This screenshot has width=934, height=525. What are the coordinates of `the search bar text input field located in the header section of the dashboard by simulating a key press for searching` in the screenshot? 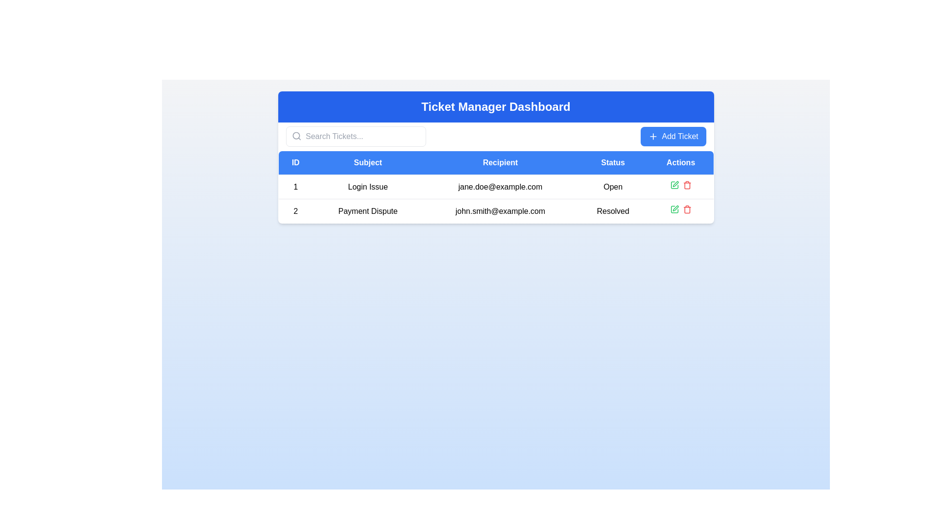 It's located at (355, 137).